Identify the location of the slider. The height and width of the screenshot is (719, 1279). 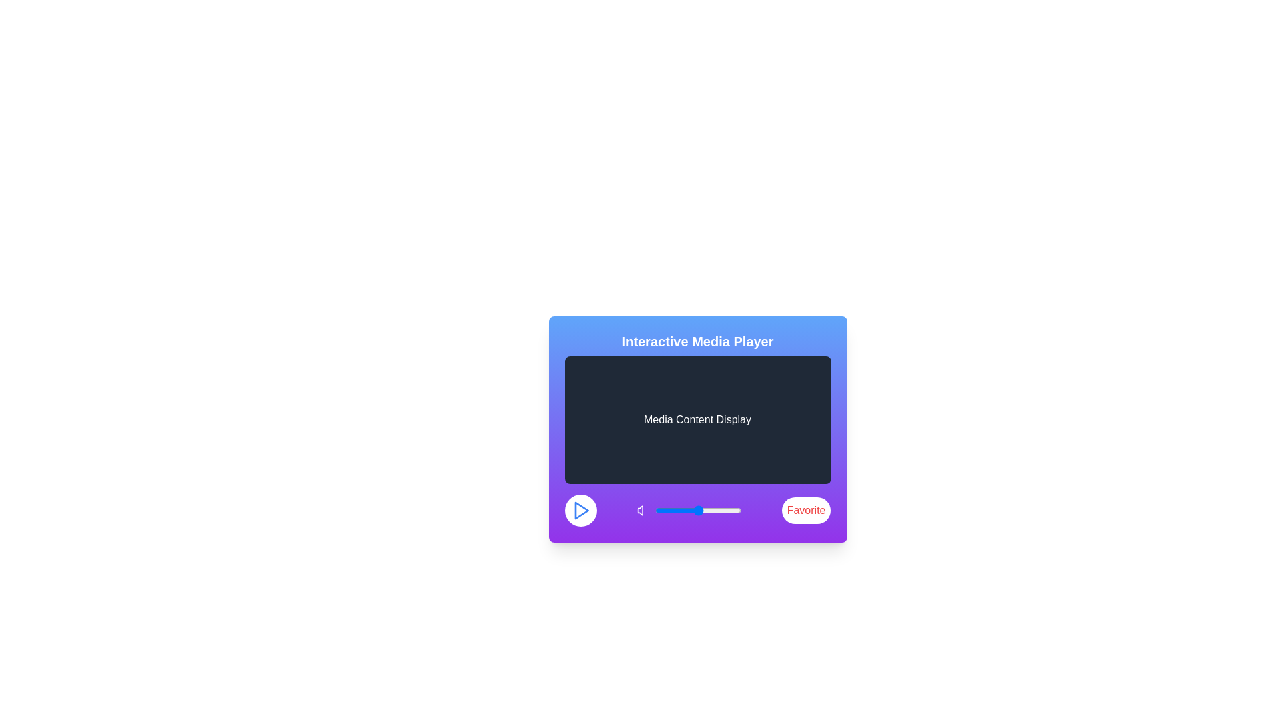
(717, 510).